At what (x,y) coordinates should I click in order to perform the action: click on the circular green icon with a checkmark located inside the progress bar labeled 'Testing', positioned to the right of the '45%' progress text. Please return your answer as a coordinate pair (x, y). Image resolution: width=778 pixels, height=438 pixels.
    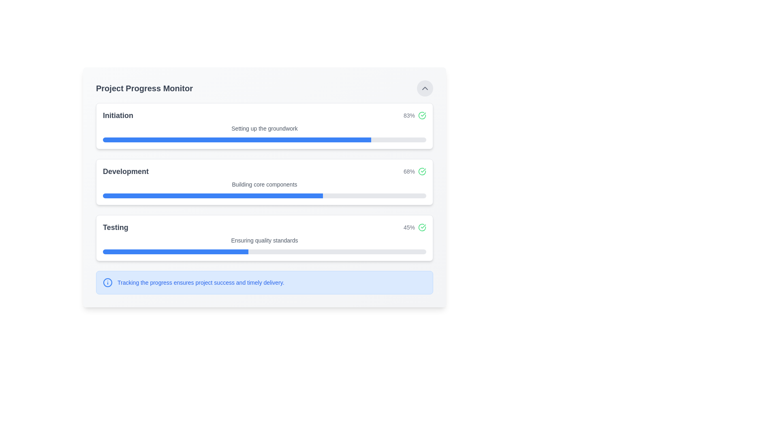
    Looking at the image, I should click on (421, 227).